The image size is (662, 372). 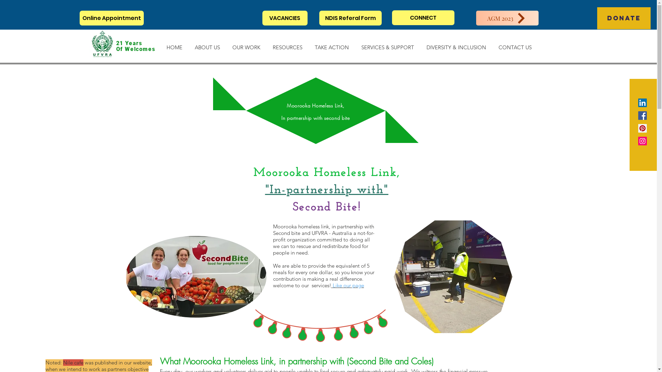 I want to click on 'SERVICES & SUPPORT', so click(x=388, y=44).